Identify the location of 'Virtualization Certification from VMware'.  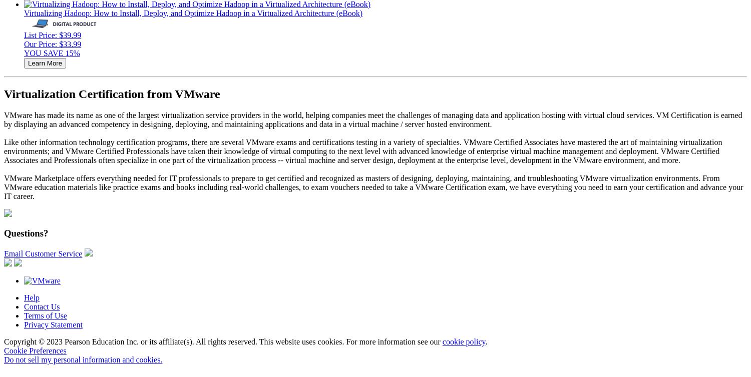
(111, 93).